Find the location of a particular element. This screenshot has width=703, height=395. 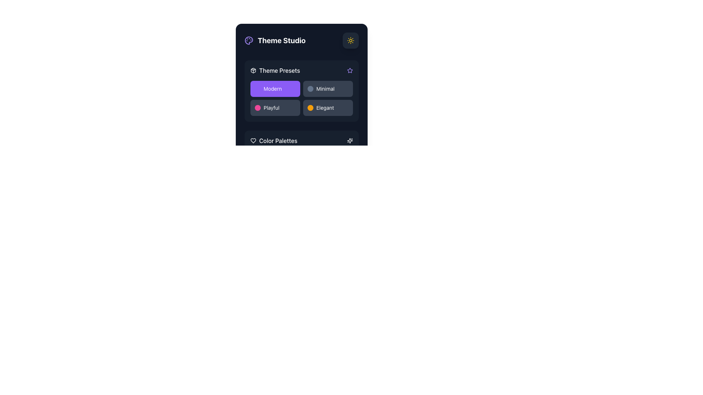

the panel in the grid layout is located at coordinates (302, 98).